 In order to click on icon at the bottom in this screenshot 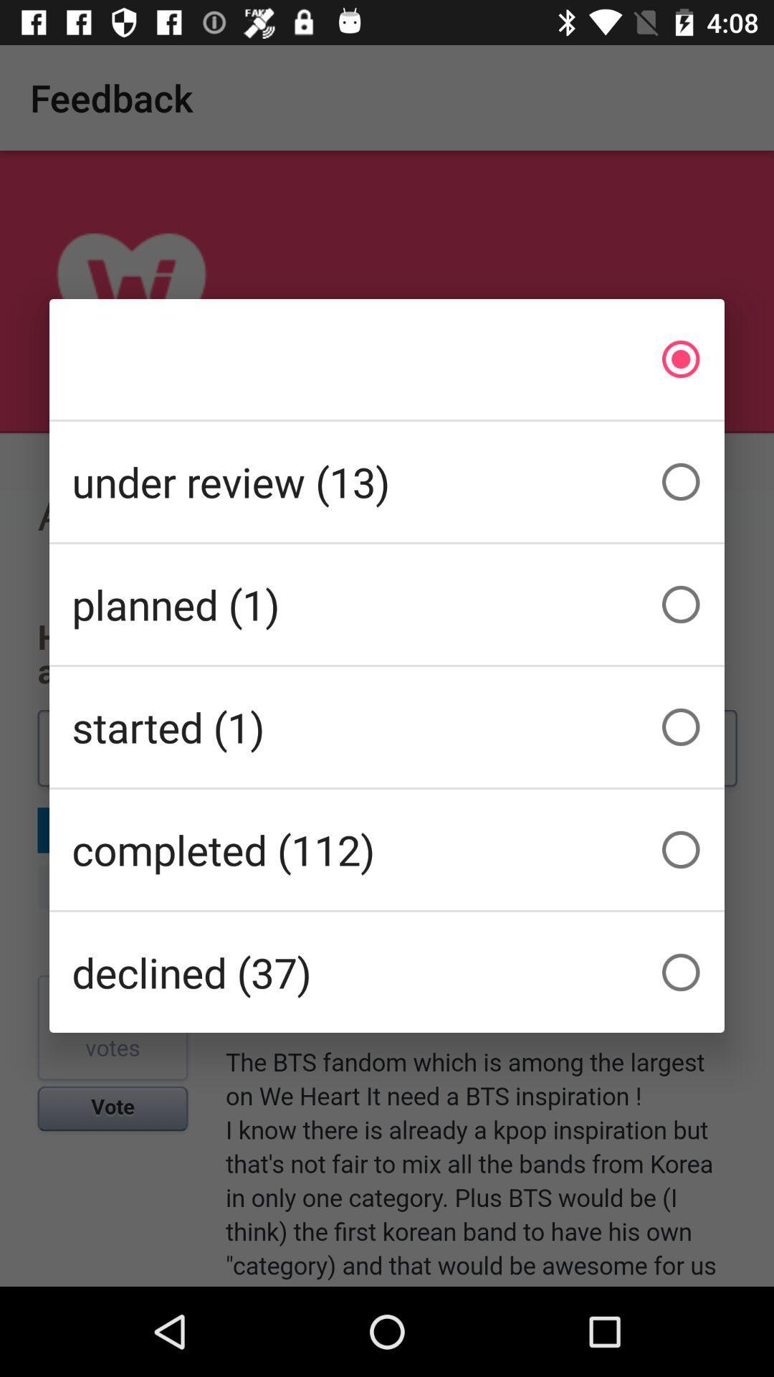, I will do `click(387, 973)`.